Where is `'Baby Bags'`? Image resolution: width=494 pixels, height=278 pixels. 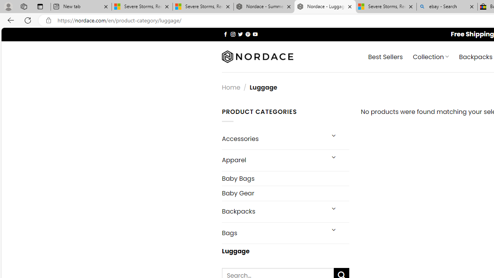 'Baby Bags' is located at coordinates (285, 178).